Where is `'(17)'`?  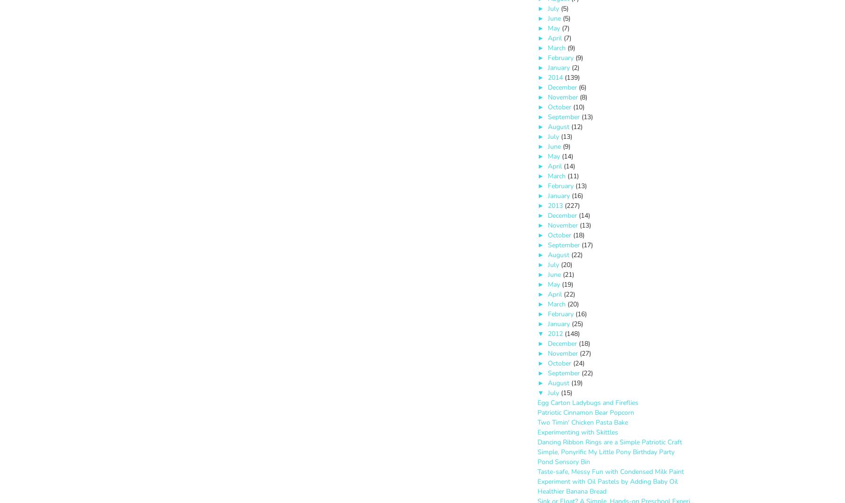 '(17)' is located at coordinates (586, 245).